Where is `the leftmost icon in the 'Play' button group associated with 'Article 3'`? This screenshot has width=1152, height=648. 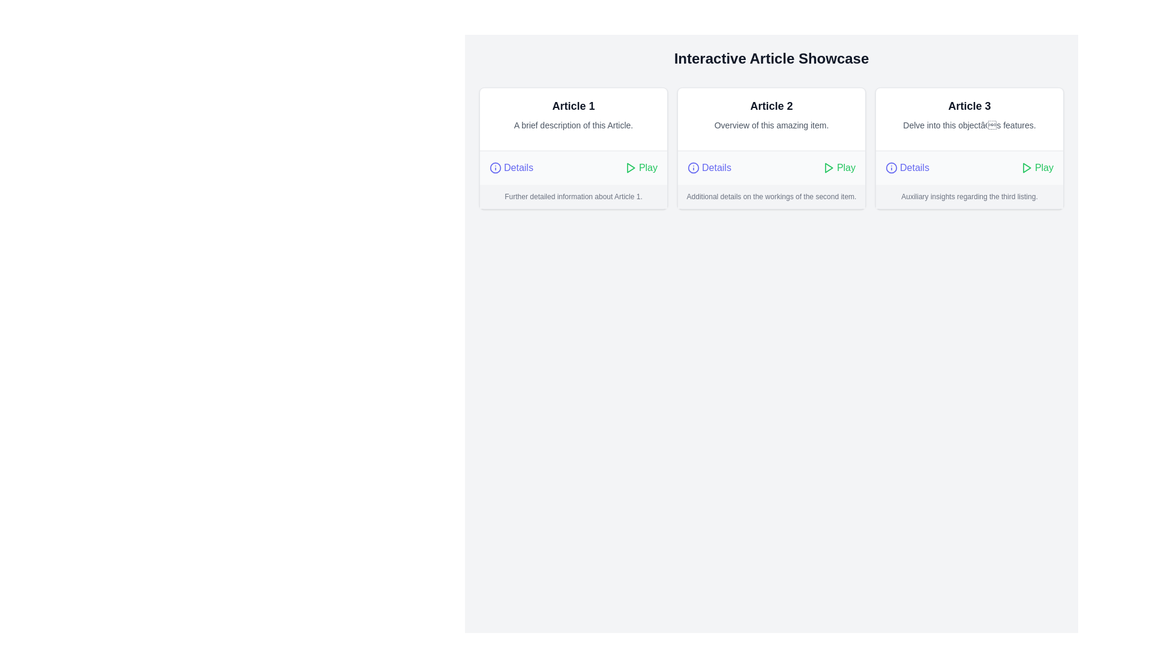 the leftmost icon in the 'Play' button group associated with 'Article 3' is located at coordinates (1025, 168).